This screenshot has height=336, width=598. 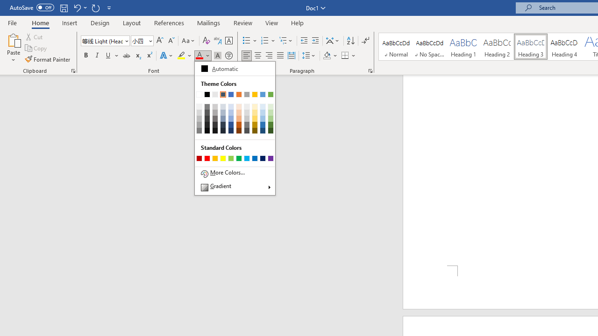 What do you see at coordinates (181, 56) in the screenshot?
I see `'Text Highlight Color Yellow'` at bounding box center [181, 56].